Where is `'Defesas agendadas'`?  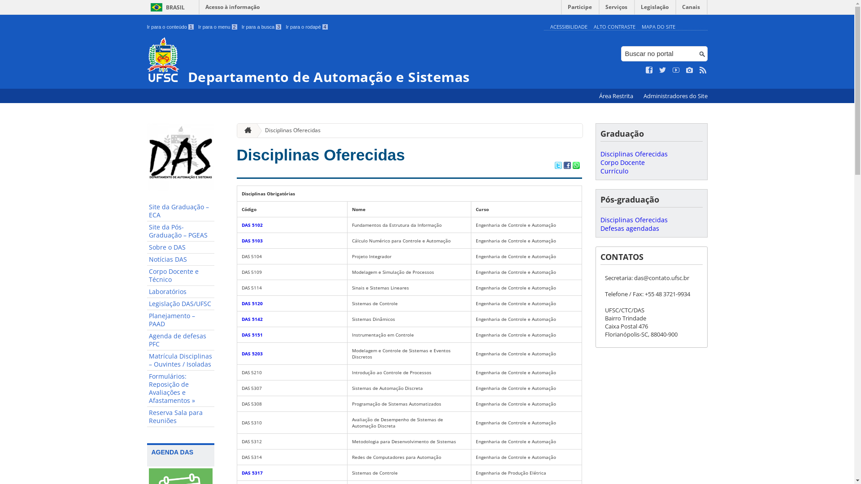
'Defesas agendadas' is located at coordinates (629, 228).